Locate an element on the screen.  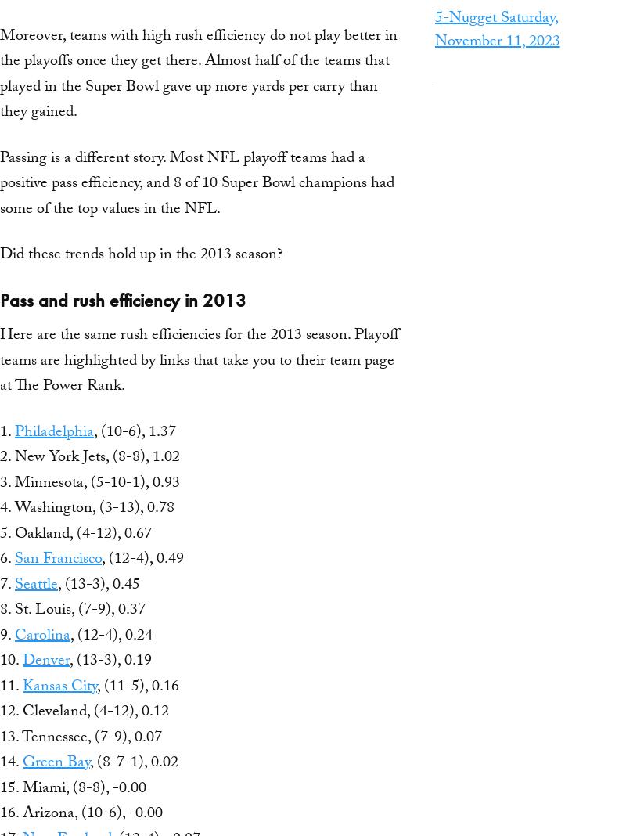
'Moreover, teams with high rush efficiency do not play better in the playoffs once they get there.  Almost half of the teams that played in the Super Bowl gave up more yards per carry than they gained.' is located at coordinates (198, 74).